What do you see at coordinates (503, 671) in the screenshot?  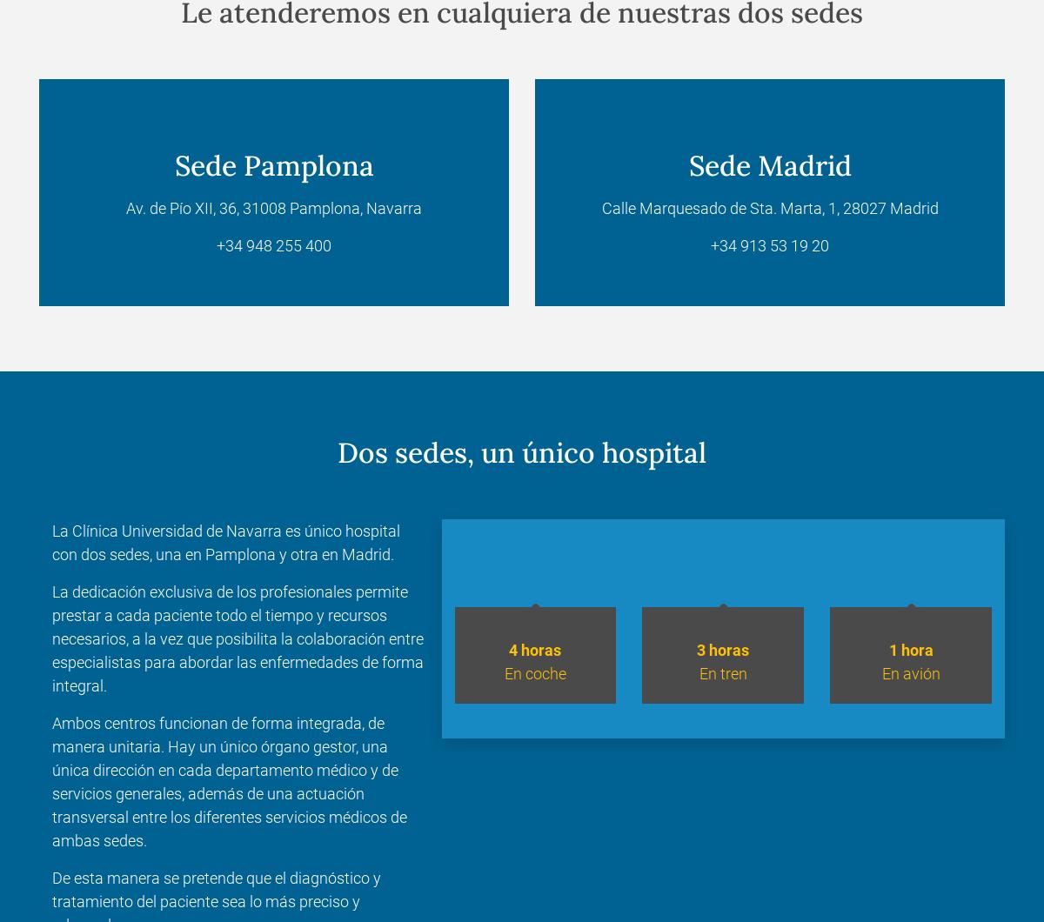 I see `'En coche'` at bounding box center [503, 671].